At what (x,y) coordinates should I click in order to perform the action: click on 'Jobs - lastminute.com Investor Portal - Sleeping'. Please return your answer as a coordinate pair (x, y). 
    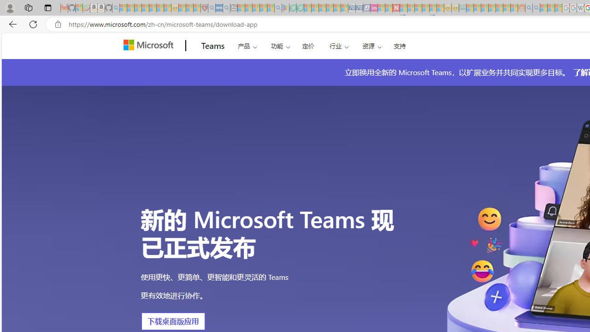
    Looking at the image, I should click on (374, 8).